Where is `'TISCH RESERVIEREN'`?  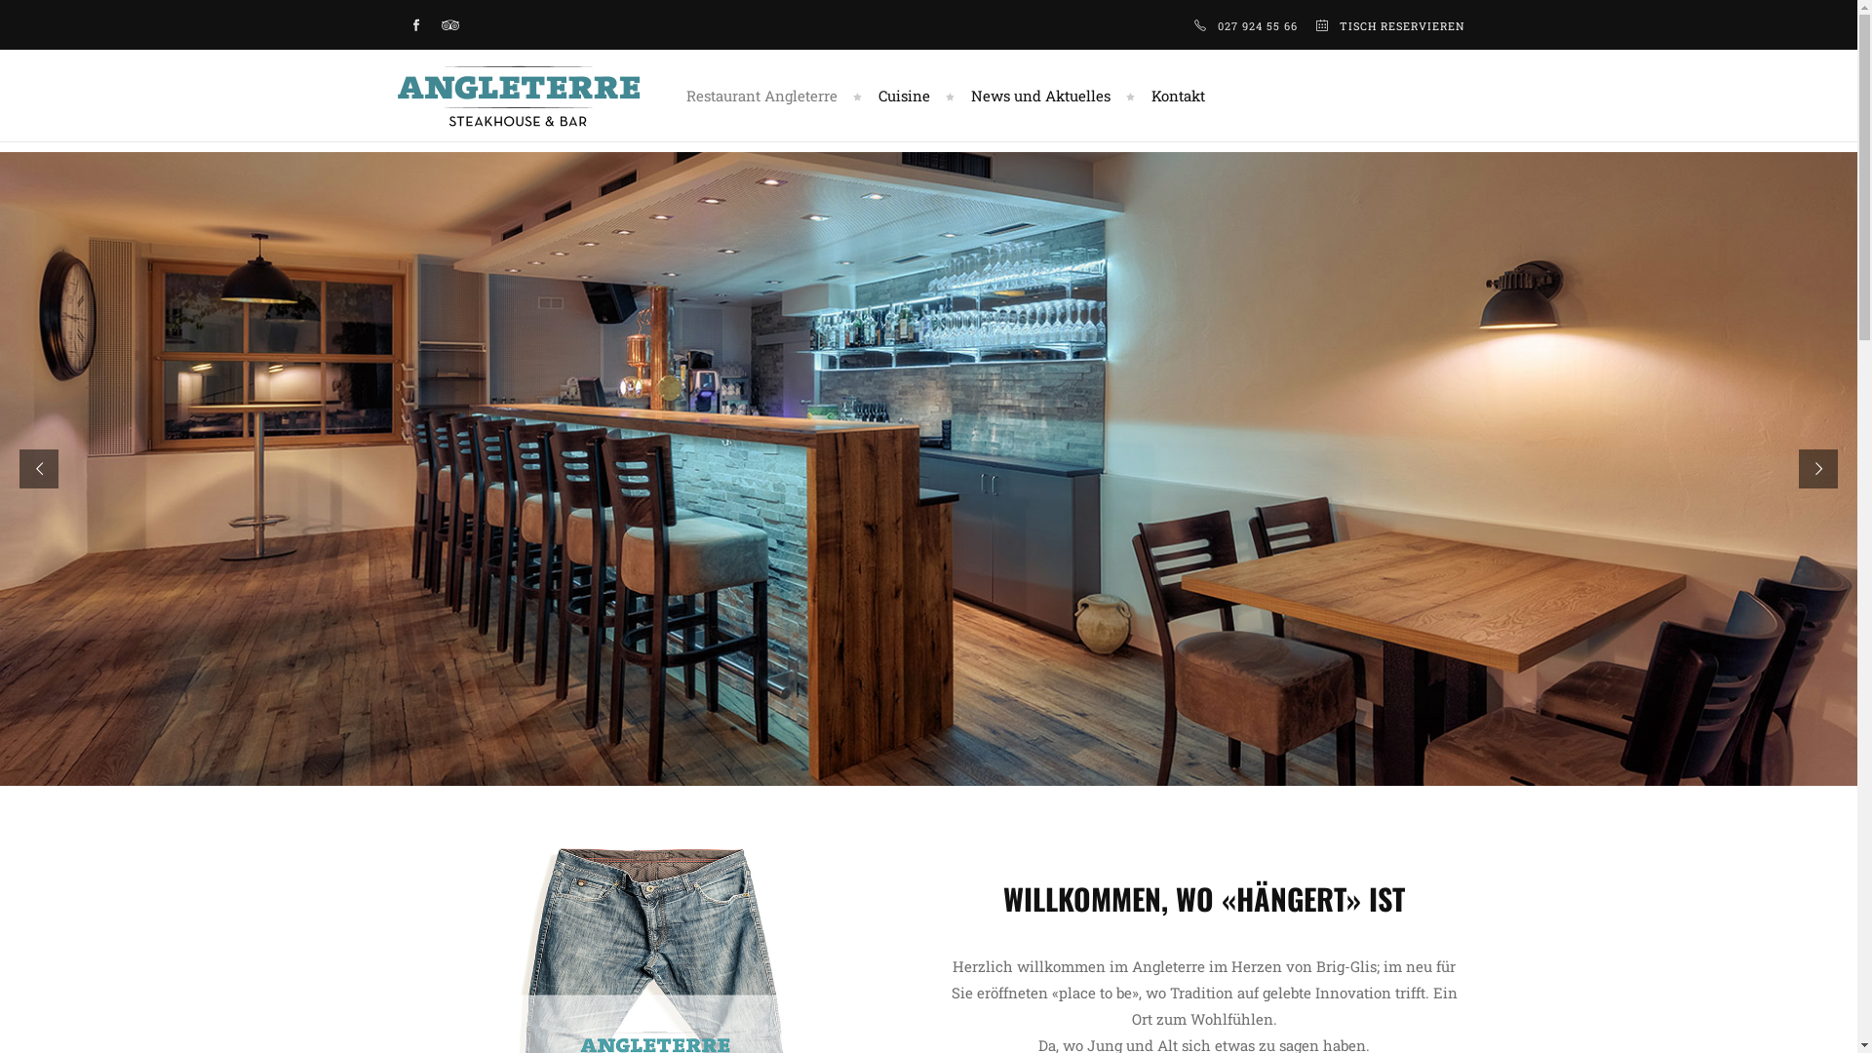
'TISCH RESERVIEREN' is located at coordinates (1338, 25).